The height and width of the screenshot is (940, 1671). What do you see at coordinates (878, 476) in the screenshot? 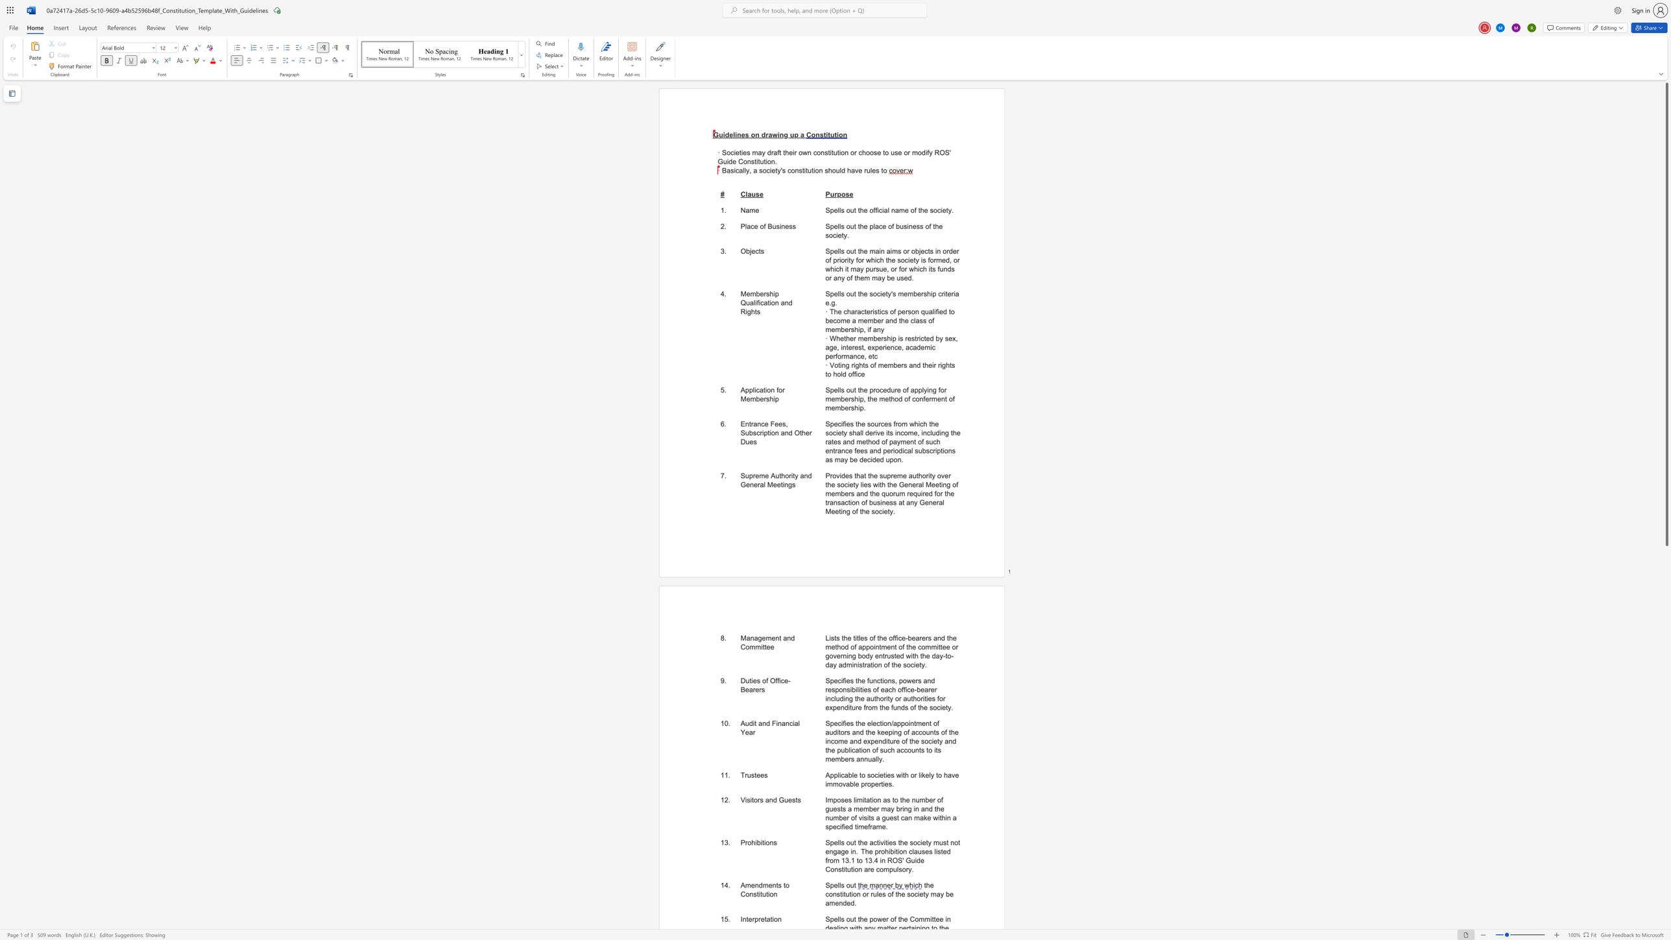
I see `the subset text "supreme authority over the society lies with the General Meeting of members and the quoru" within the text "Provides that the supreme authority over the society lies with the General Meeting of members and the quorum"` at bounding box center [878, 476].